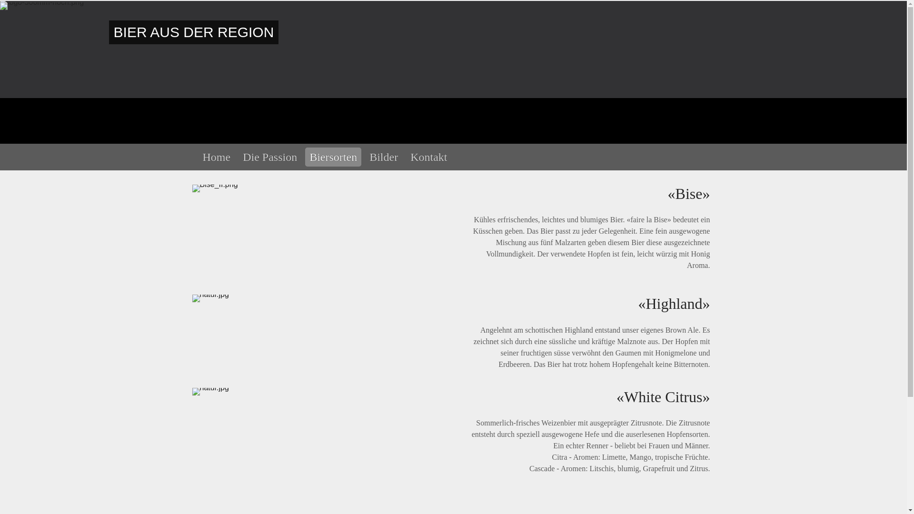 Image resolution: width=914 pixels, height=514 pixels. I want to click on 'Biersorten', so click(305, 157).